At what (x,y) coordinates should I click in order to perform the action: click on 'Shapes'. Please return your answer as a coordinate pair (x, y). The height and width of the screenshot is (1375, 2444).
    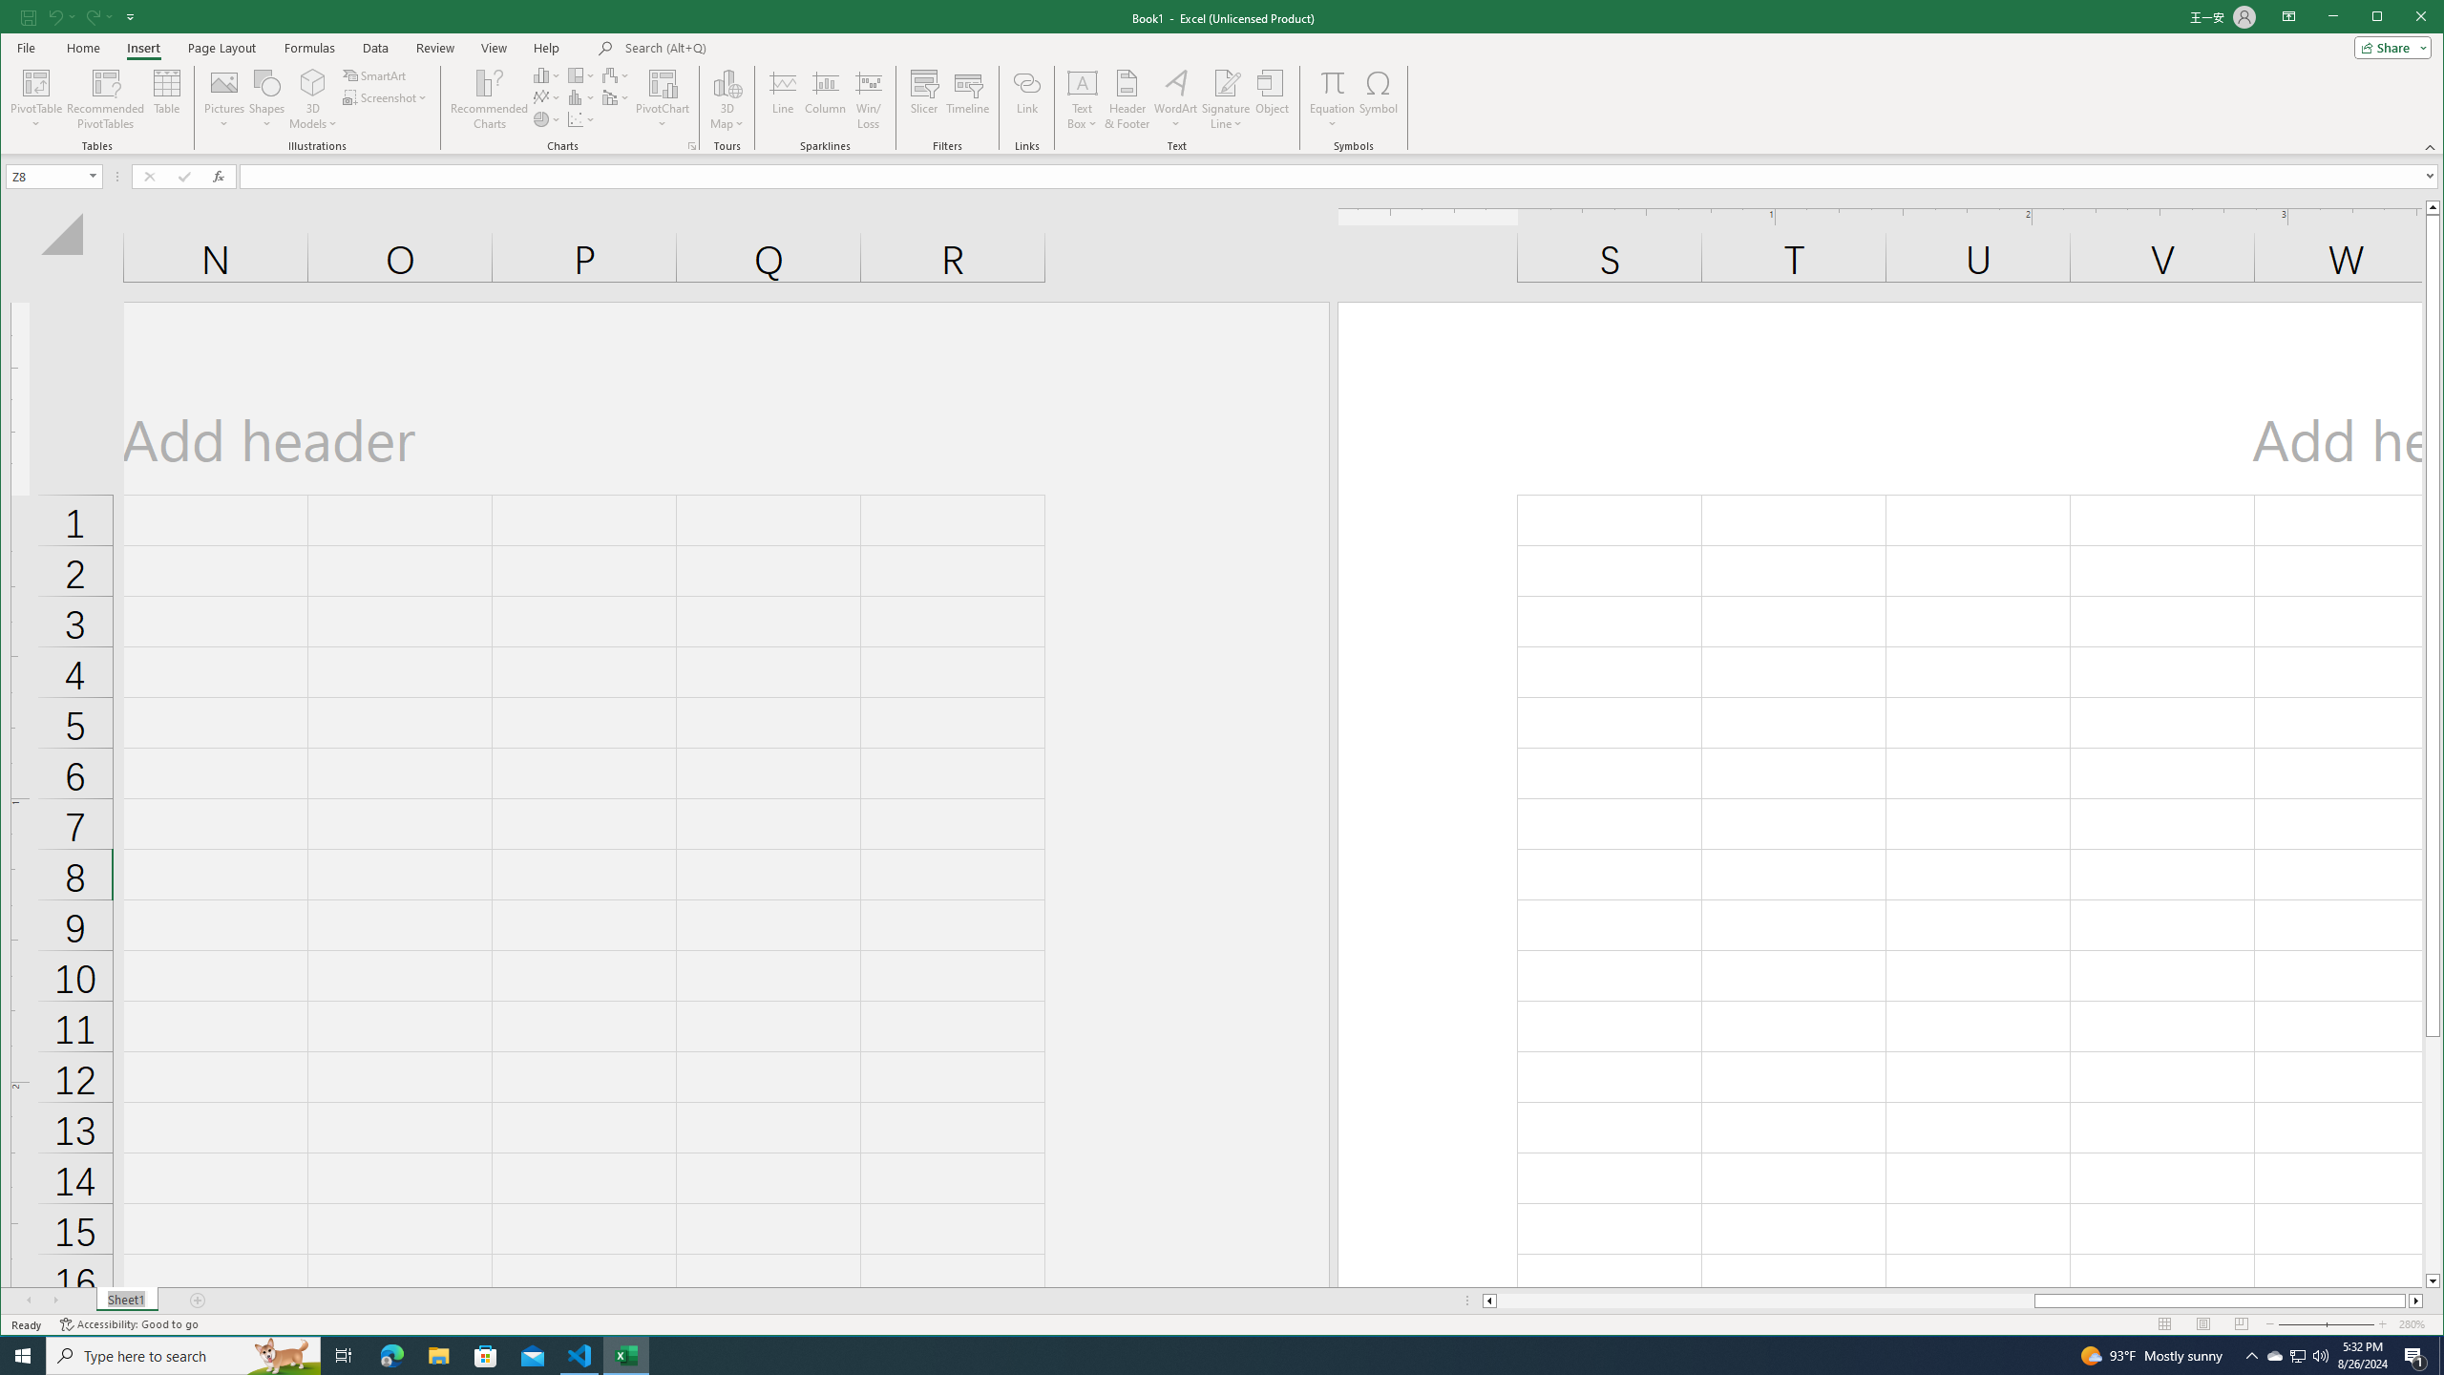
    Looking at the image, I should click on (267, 98).